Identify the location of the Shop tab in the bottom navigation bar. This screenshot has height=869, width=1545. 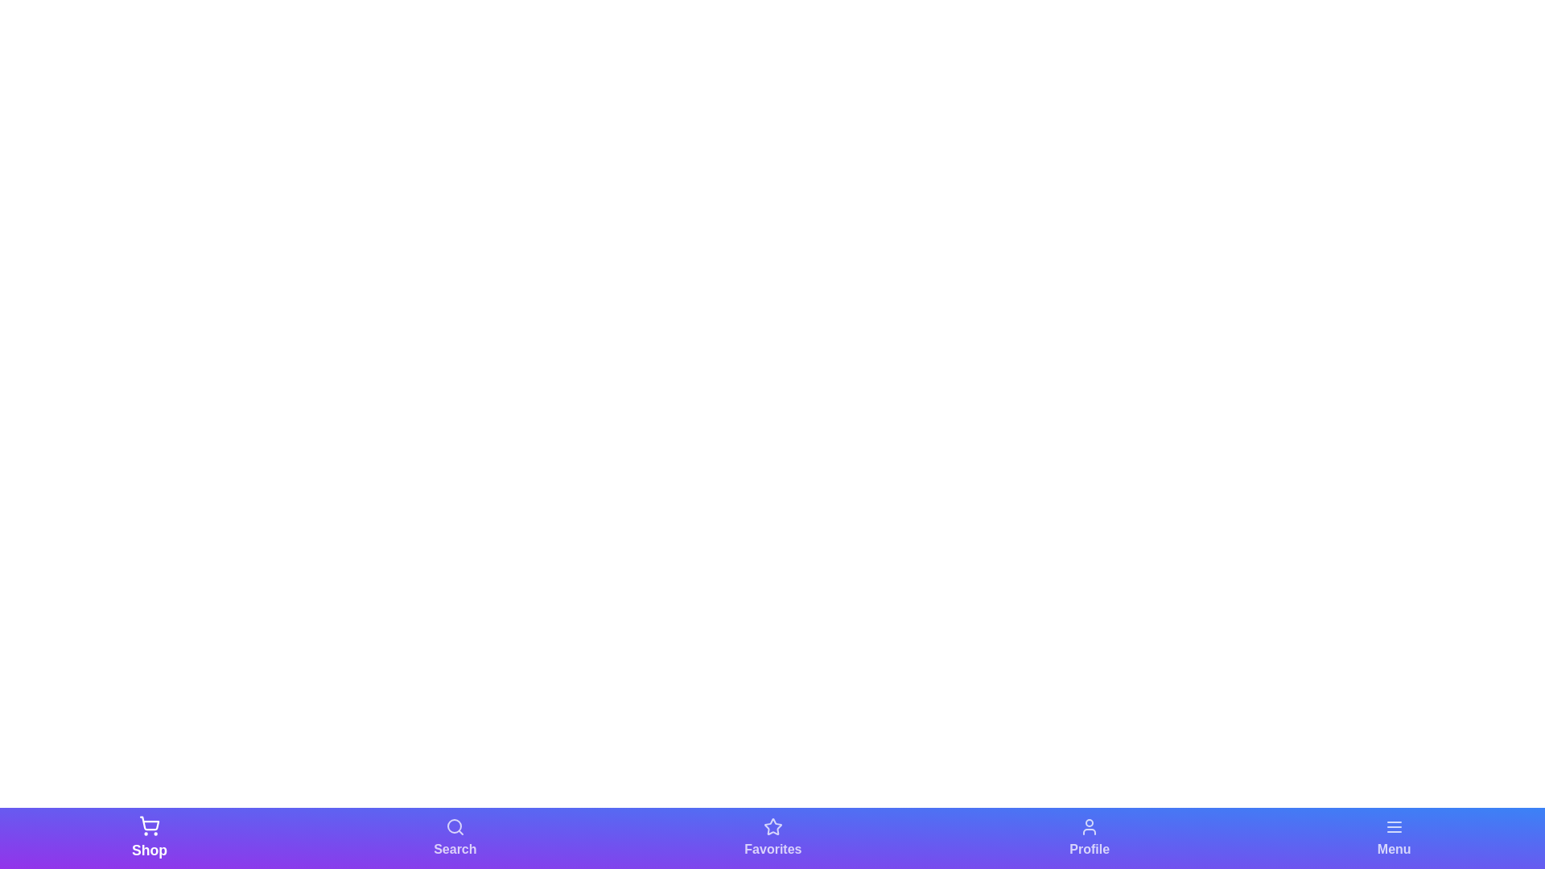
(150, 837).